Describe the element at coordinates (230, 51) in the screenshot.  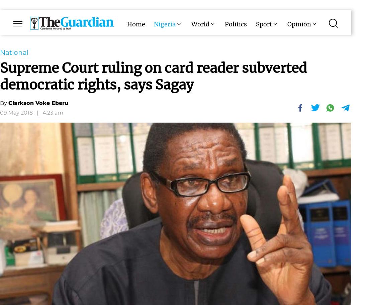
I see `'Cartoons'` at that location.